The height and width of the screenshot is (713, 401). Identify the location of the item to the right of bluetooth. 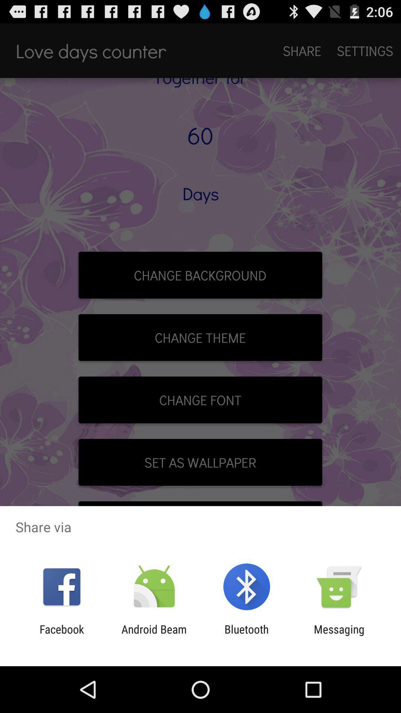
(339, 635).